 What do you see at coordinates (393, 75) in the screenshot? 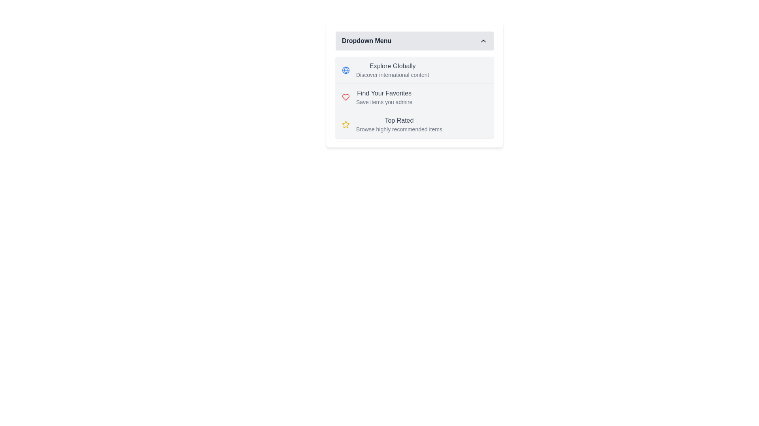
I see `the static text that provides additional context about the 'Explore Globally' option, which is positioned directly below it in the dropdown menu panel` at bounding box center [393, 75].